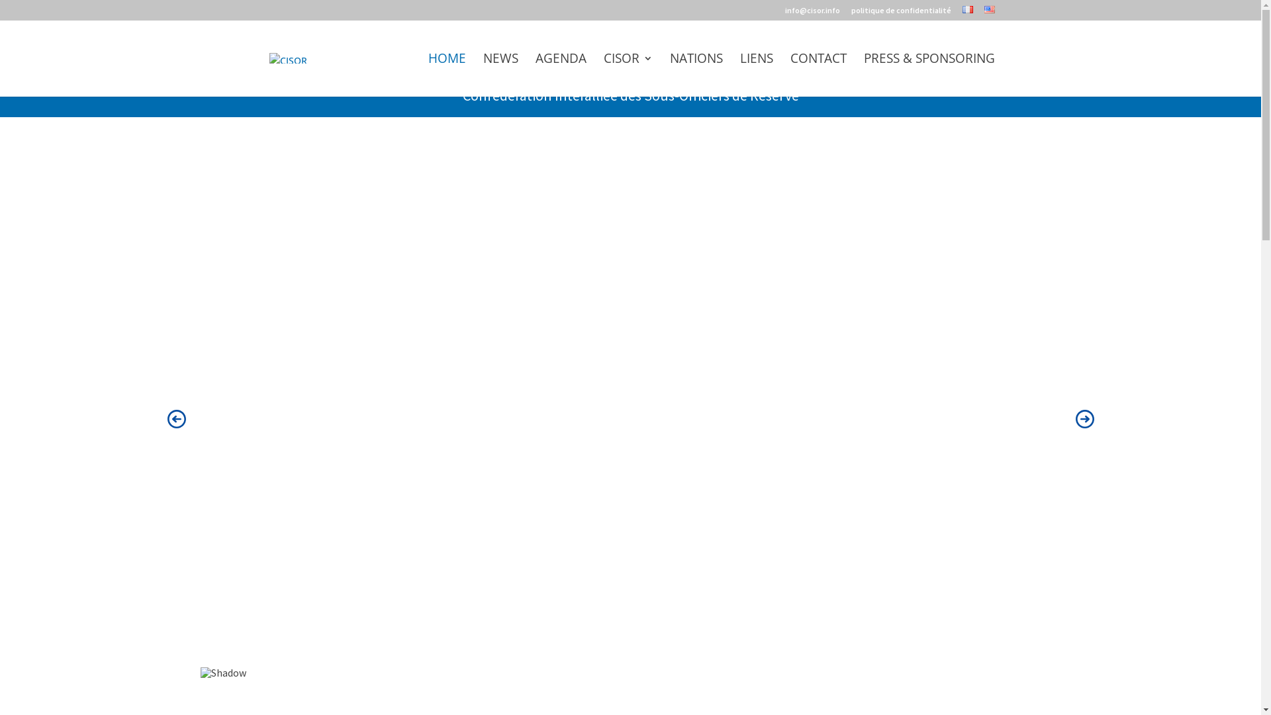 The width and height of the screenshot is (1271, 715). What do you see at coordinates (790, 75) in the screenshot?
I see `'CONTACT'` at bounding box center [790, 75].